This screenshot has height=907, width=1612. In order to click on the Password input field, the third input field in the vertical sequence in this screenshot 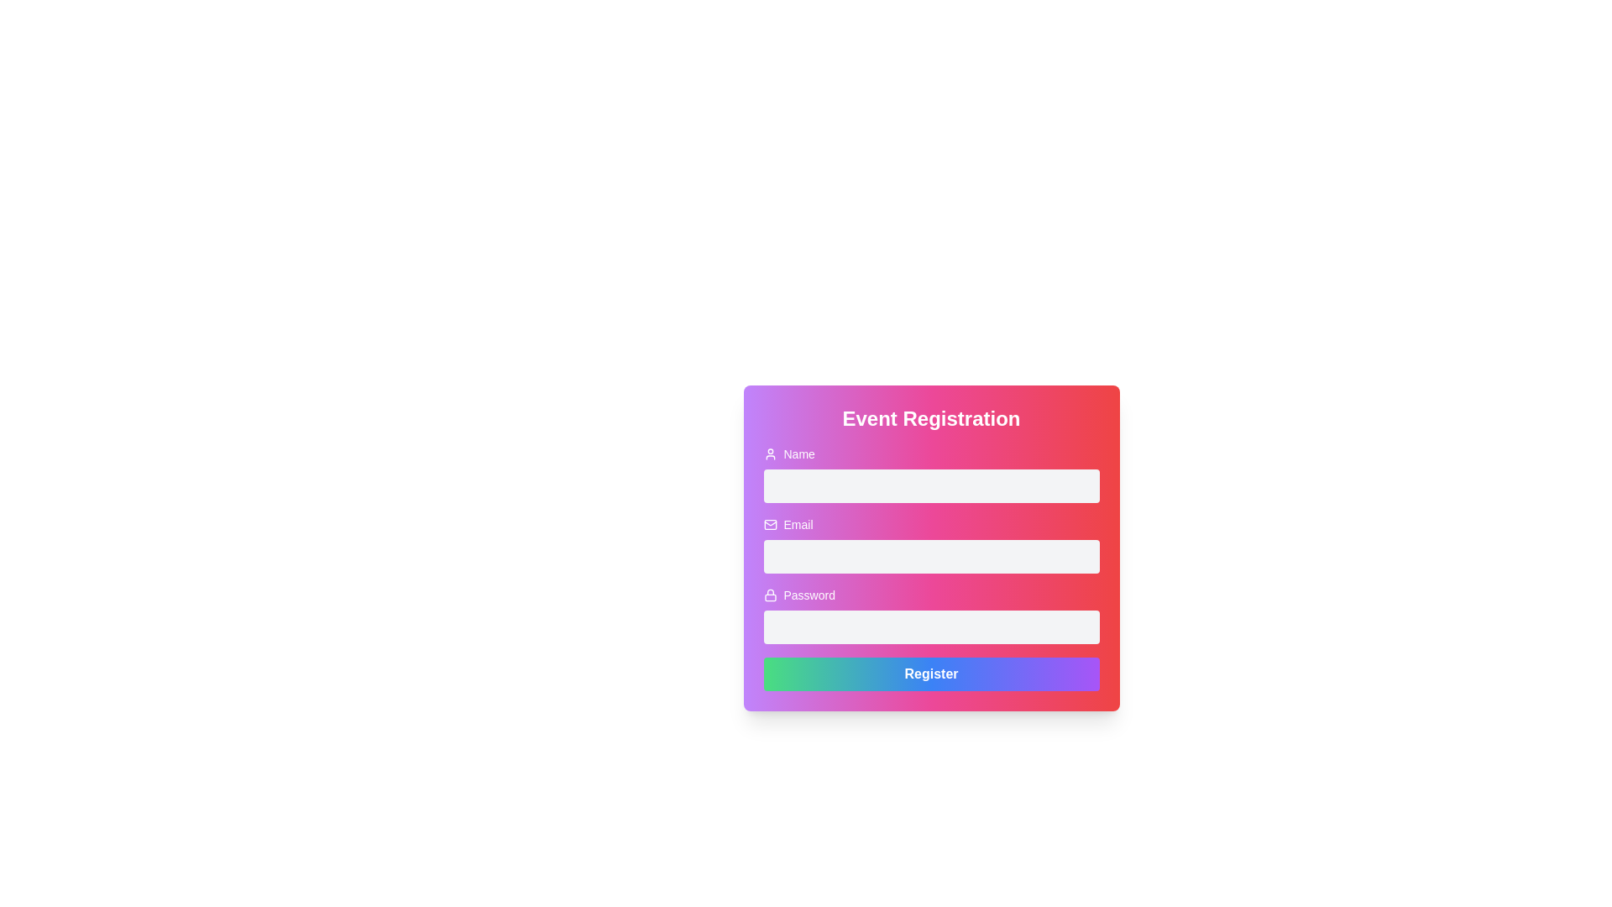, I will do `click(930, 615)`.